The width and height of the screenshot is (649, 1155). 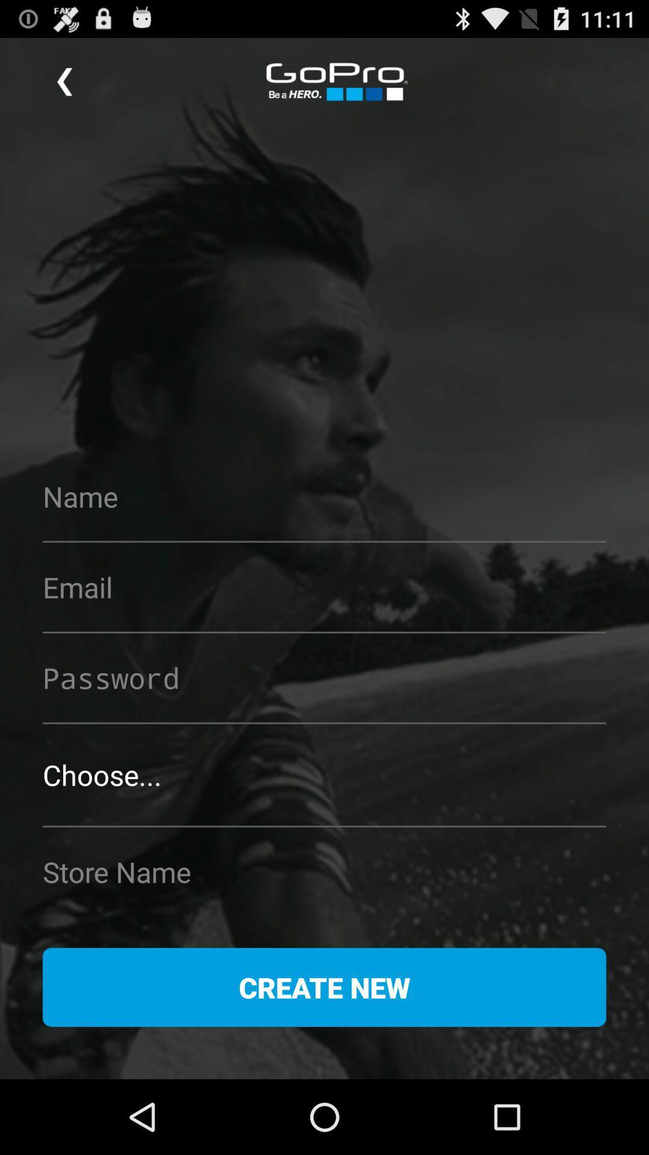 I want to click on your name, so click(x=324, y=496).